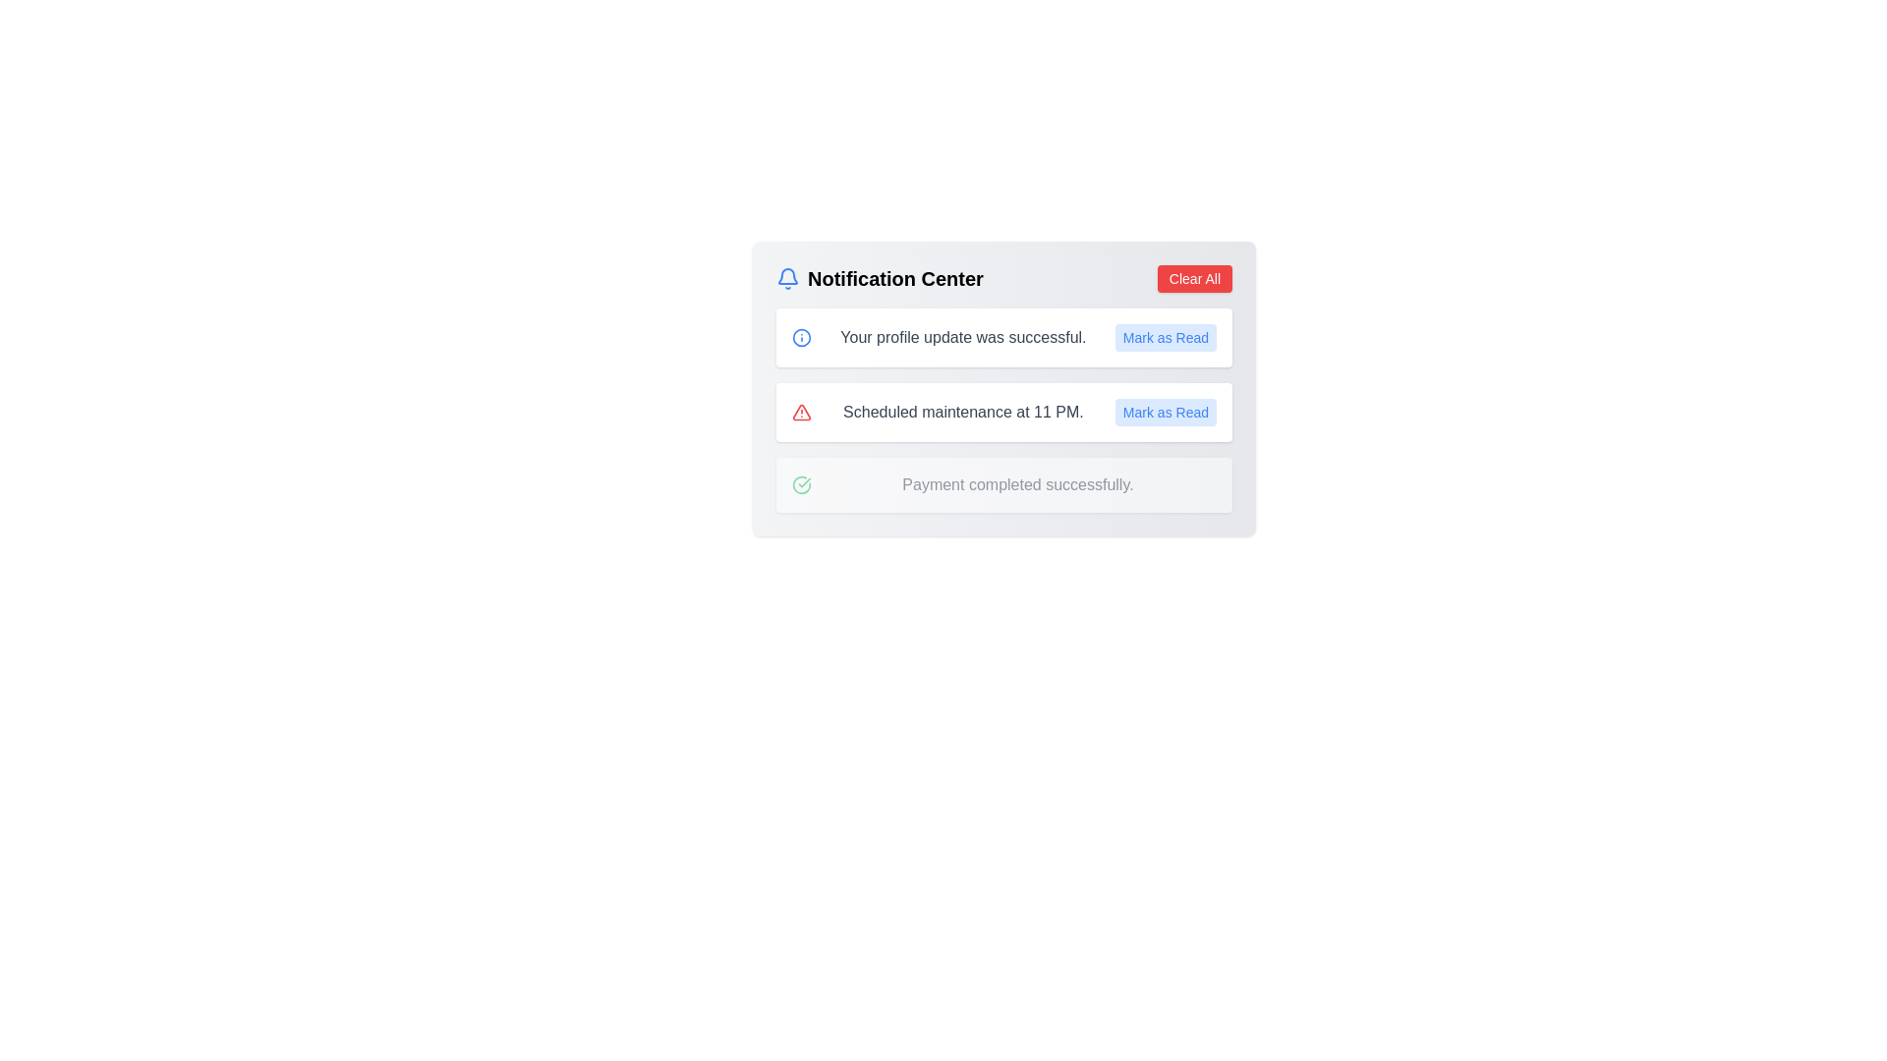  I want to click on the icon background circle that serves as a visual component for the first notification item in the notification center, so click(802, 336).